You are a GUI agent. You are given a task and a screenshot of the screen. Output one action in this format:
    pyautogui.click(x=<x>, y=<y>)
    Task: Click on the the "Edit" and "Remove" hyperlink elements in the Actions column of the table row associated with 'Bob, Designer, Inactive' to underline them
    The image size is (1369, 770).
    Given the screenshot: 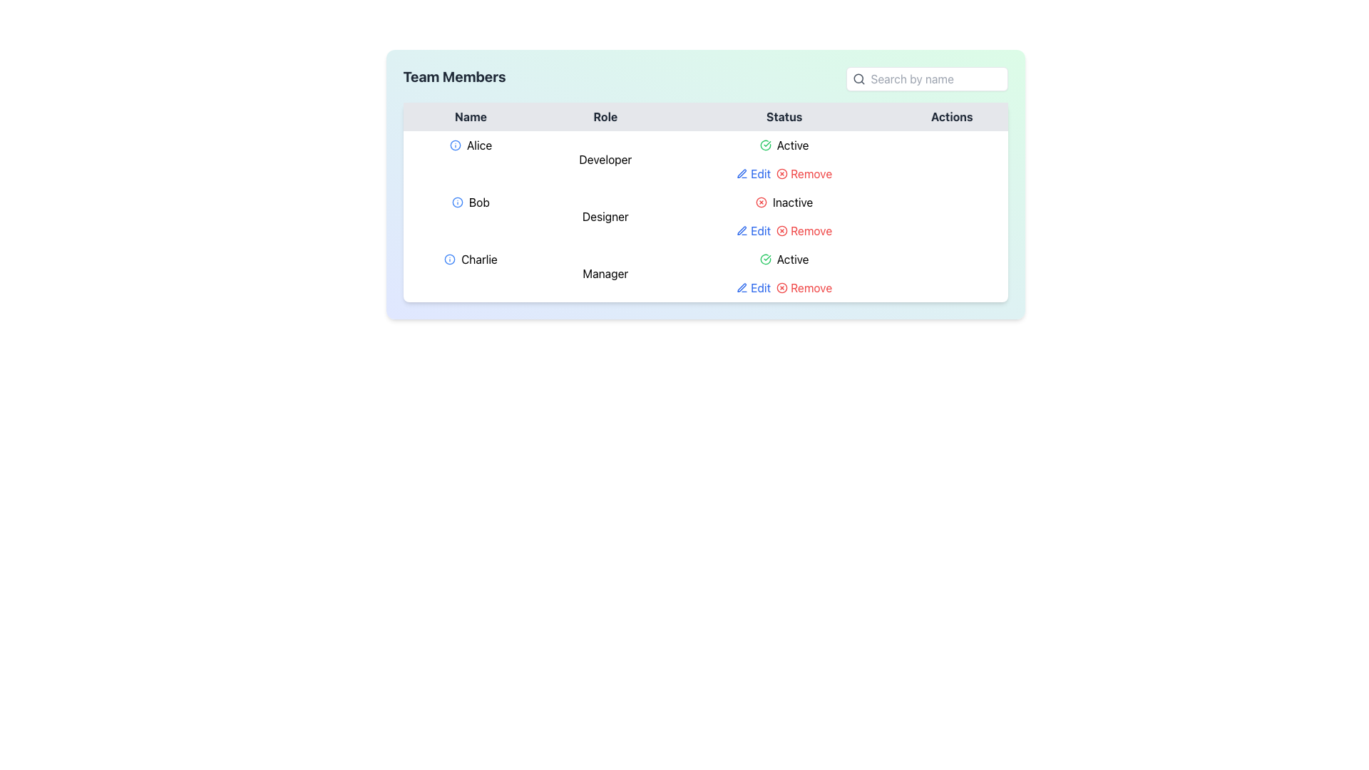 What is the action you would take?
    pyautogui.click(x=784, y=230)
    